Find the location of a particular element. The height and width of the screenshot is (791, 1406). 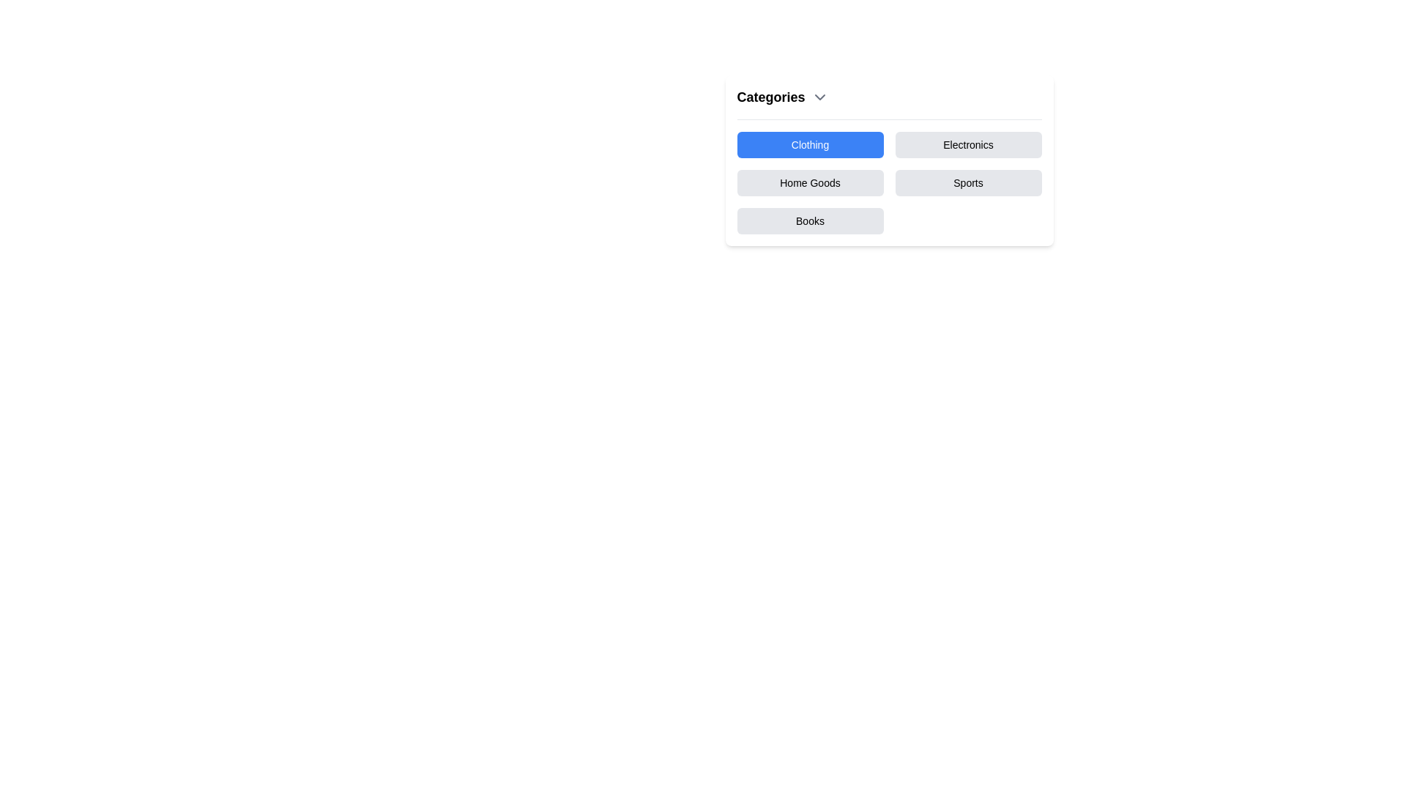

the 'Electronics' button, which is a rectangular button with a light gray background and bold font, located under the 'Categories' heading and positioned to the right of the 'Clothing' button is located at coordinates (968, 144).